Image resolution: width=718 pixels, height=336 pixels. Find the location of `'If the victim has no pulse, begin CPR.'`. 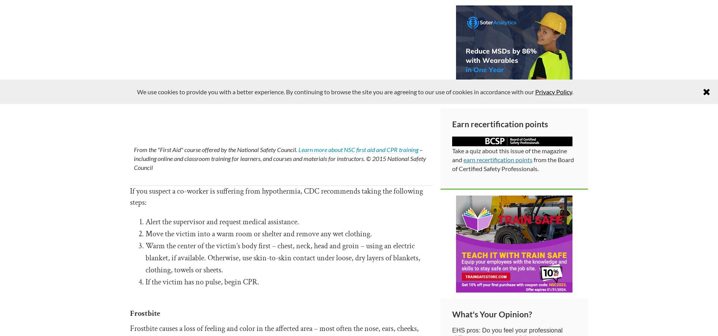

'If the victim has no pulse, begin CPR.' is located at coordinates (202, 282).